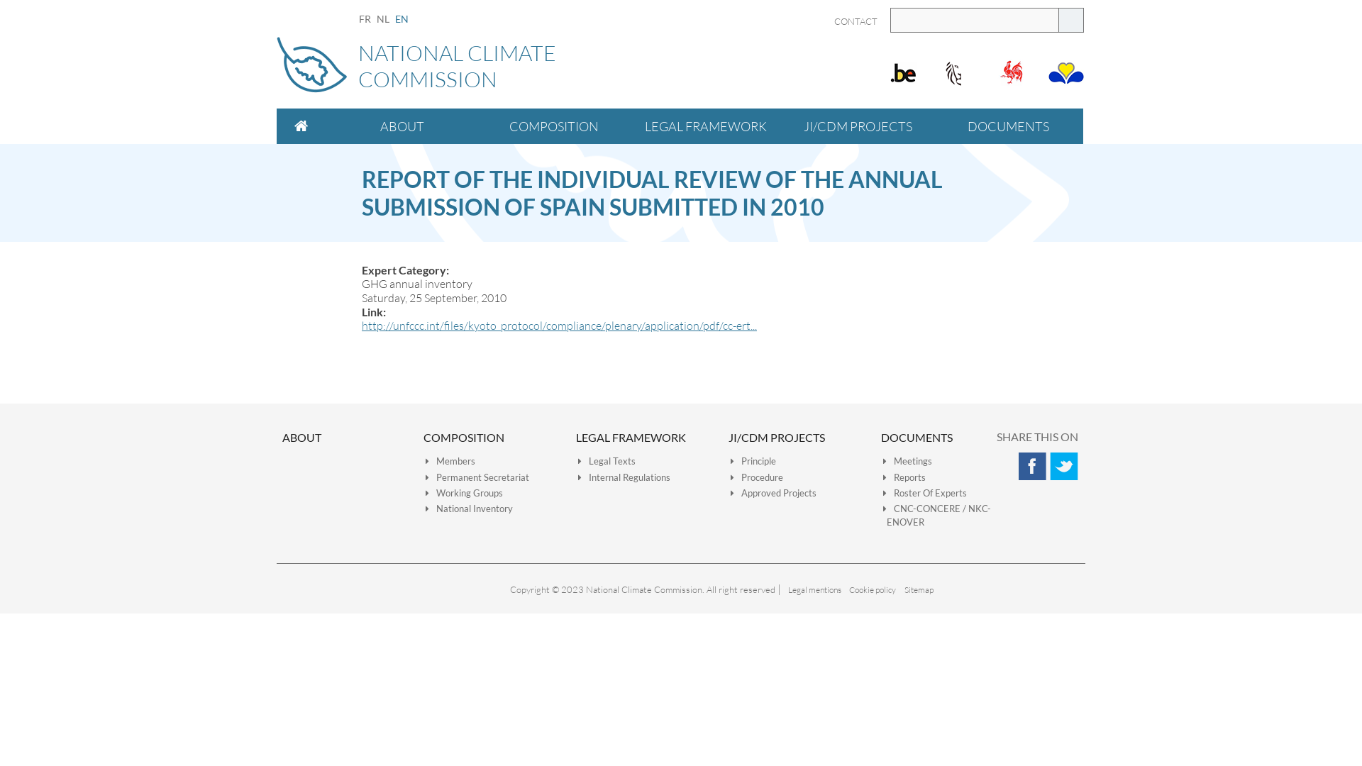 The image size is (1362, 766). I want to click on 'NL', so click(382, 18).